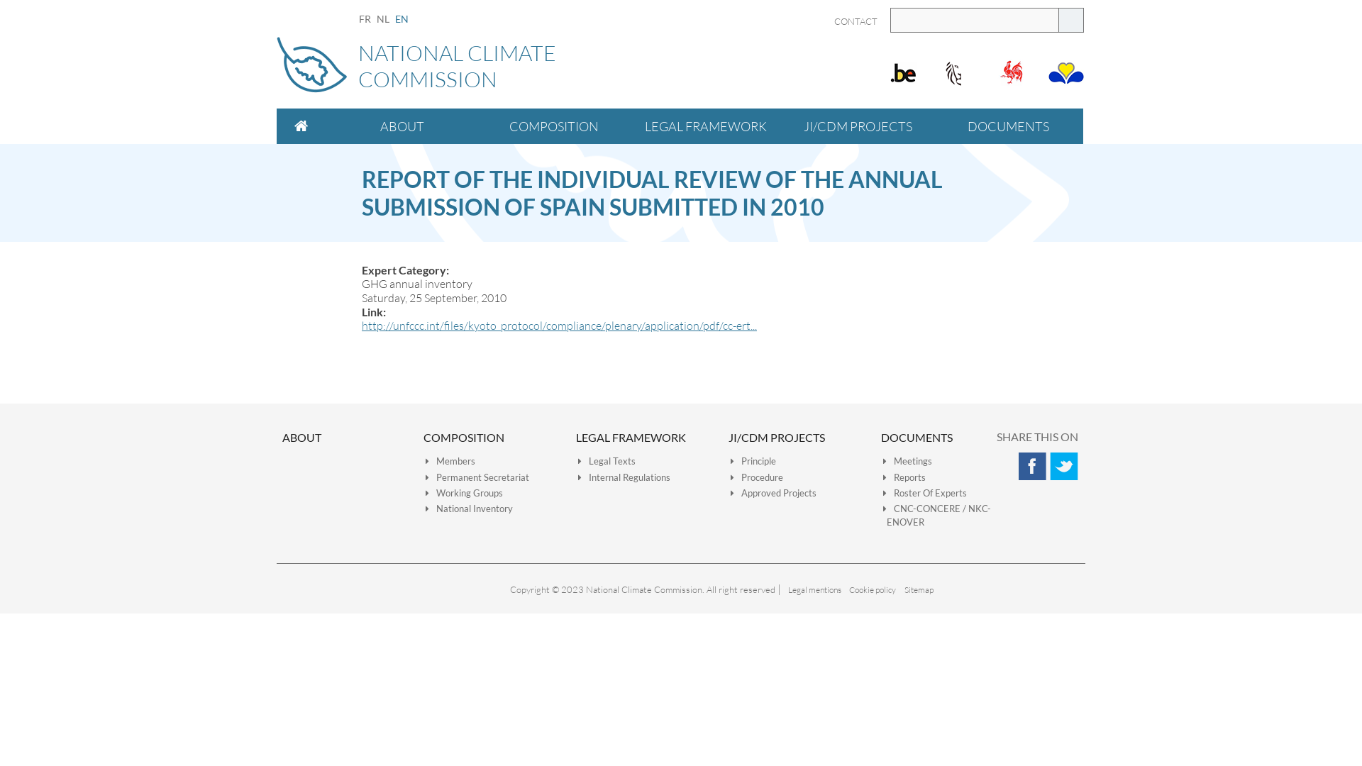 The image size is (1362, 766). I want to click on 'NL', so click(382, 18).